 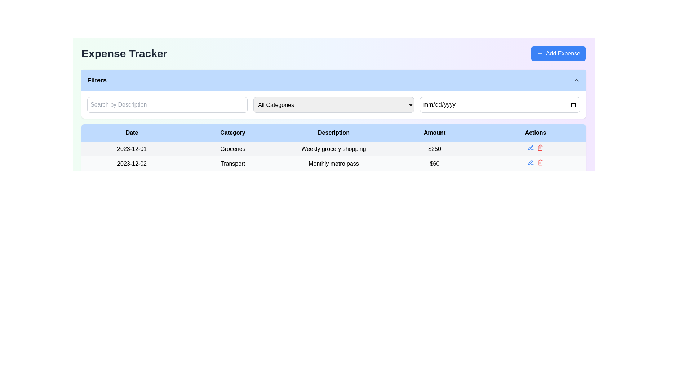 What do you see at coordinates (333, 104) in the screenshot?
I see `the dropdown menu labeled 'All Categories' located under the 'Filters' section` at bounding box center [333, 104].